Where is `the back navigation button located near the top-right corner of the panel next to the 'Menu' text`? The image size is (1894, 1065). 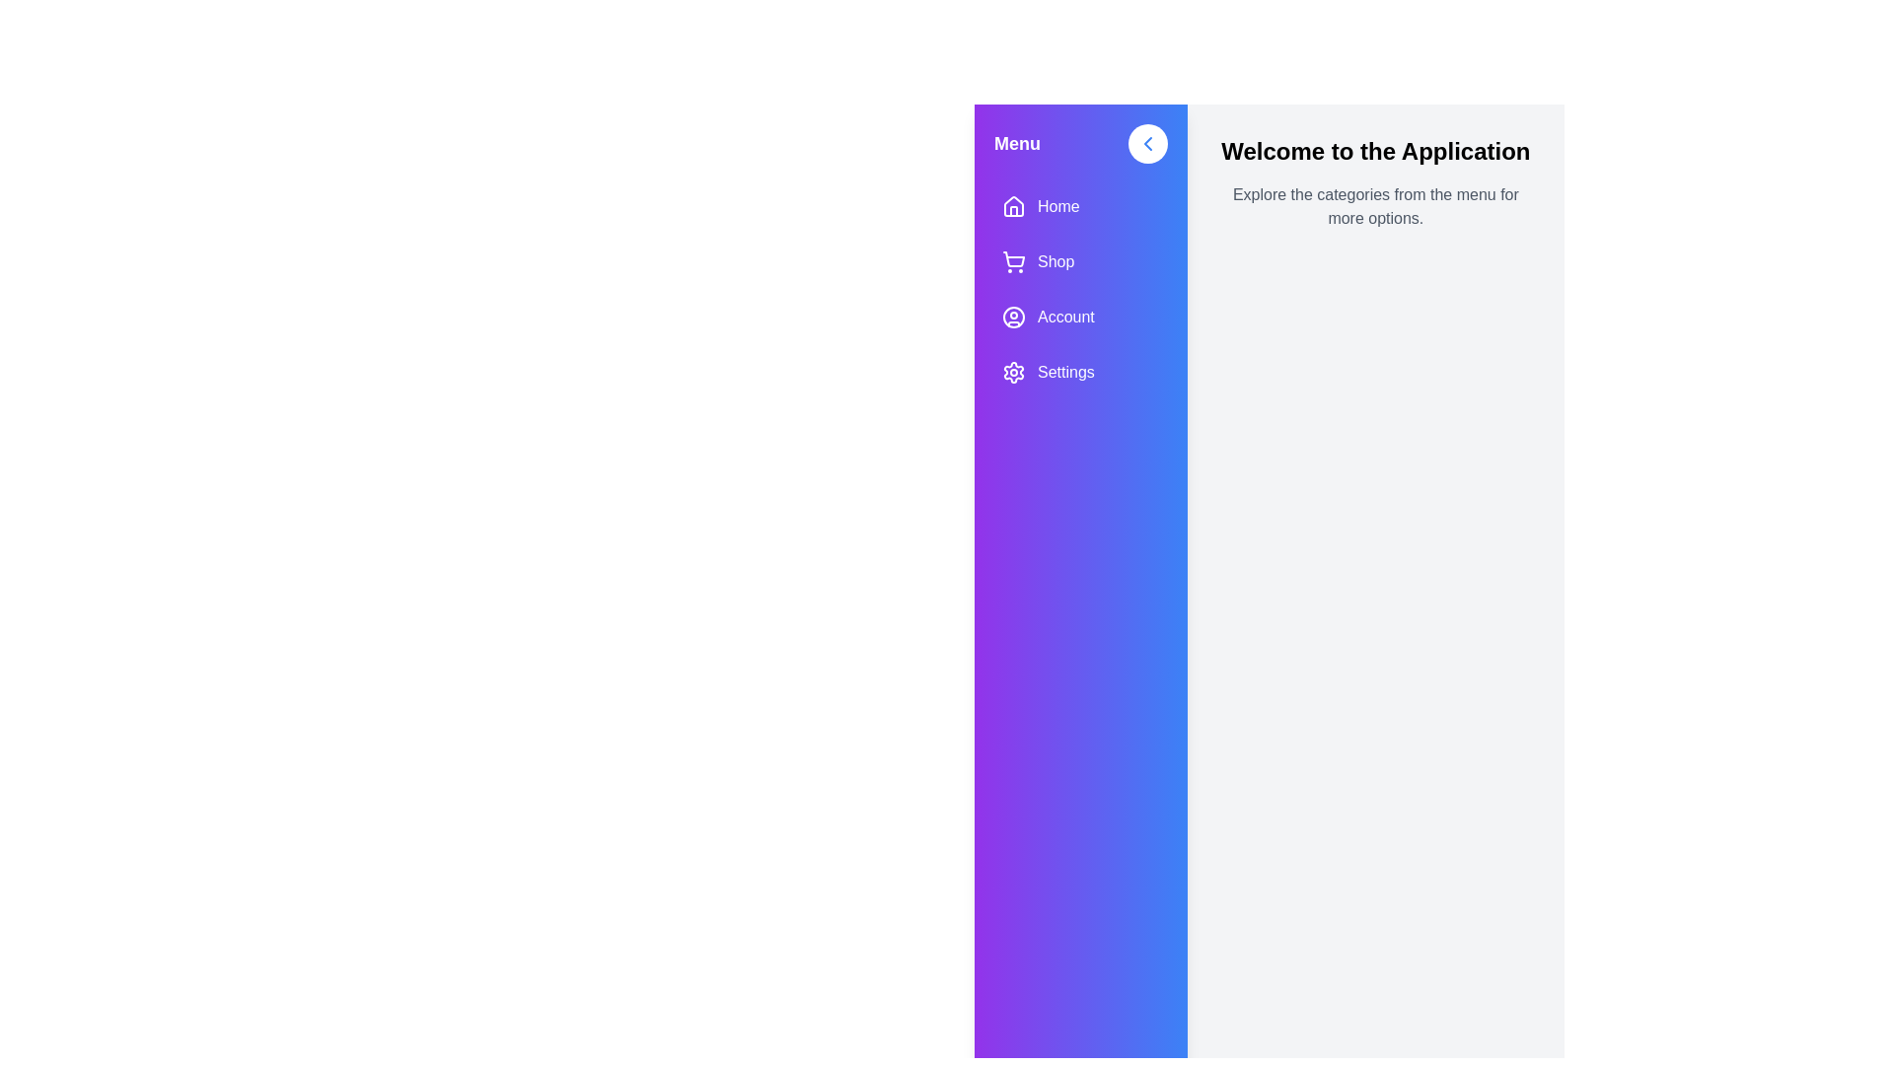
the back navigation button located near the top-right corner of the panel next to the 'Menu' text is located at coordinates (1147, 143).